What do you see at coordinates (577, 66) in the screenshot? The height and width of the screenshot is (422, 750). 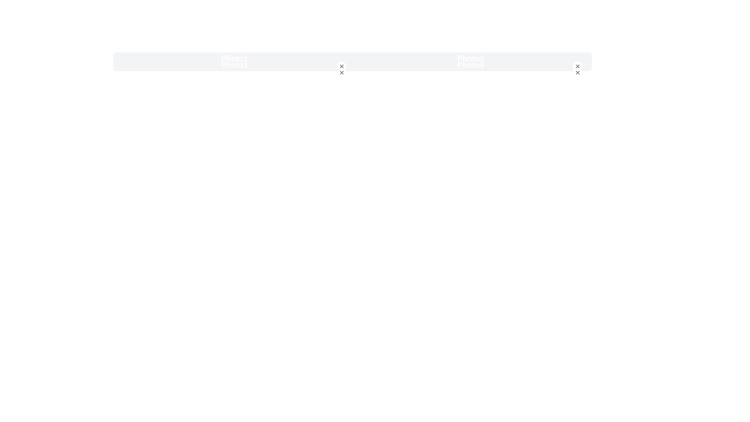 I see `the close button located at the top-right corner of the 'Photo2' section` at bounding box center [577, 66].